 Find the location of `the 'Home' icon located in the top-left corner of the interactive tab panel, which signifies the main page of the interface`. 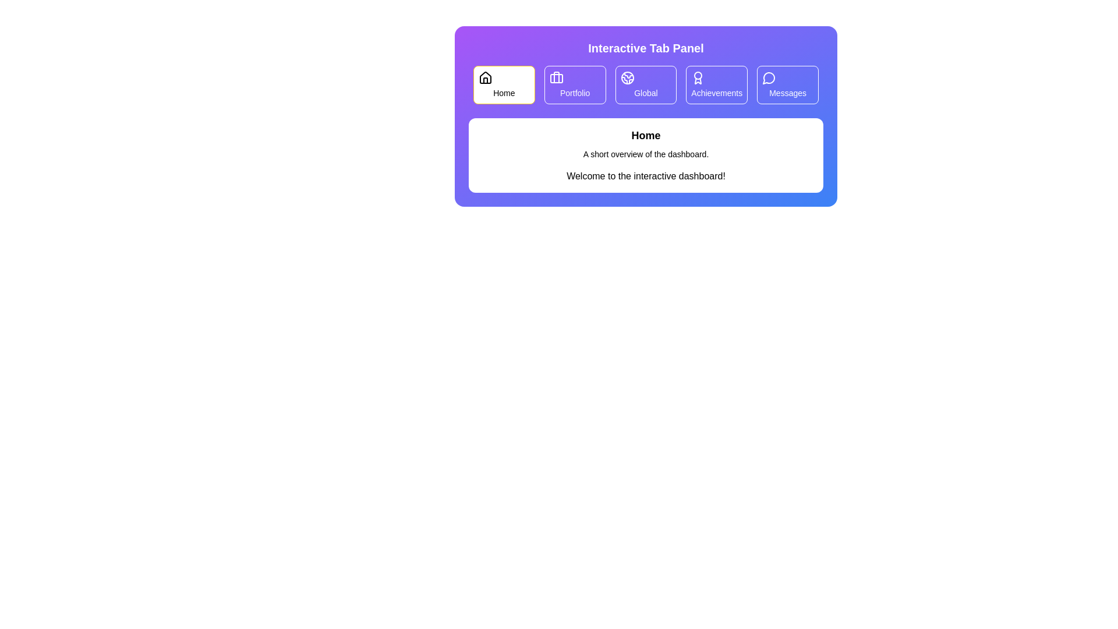

the 'Home' icon located in the top-left corner of the interactive tab panel, which signifies the main page of the interface is located at coordinates (486, 78).